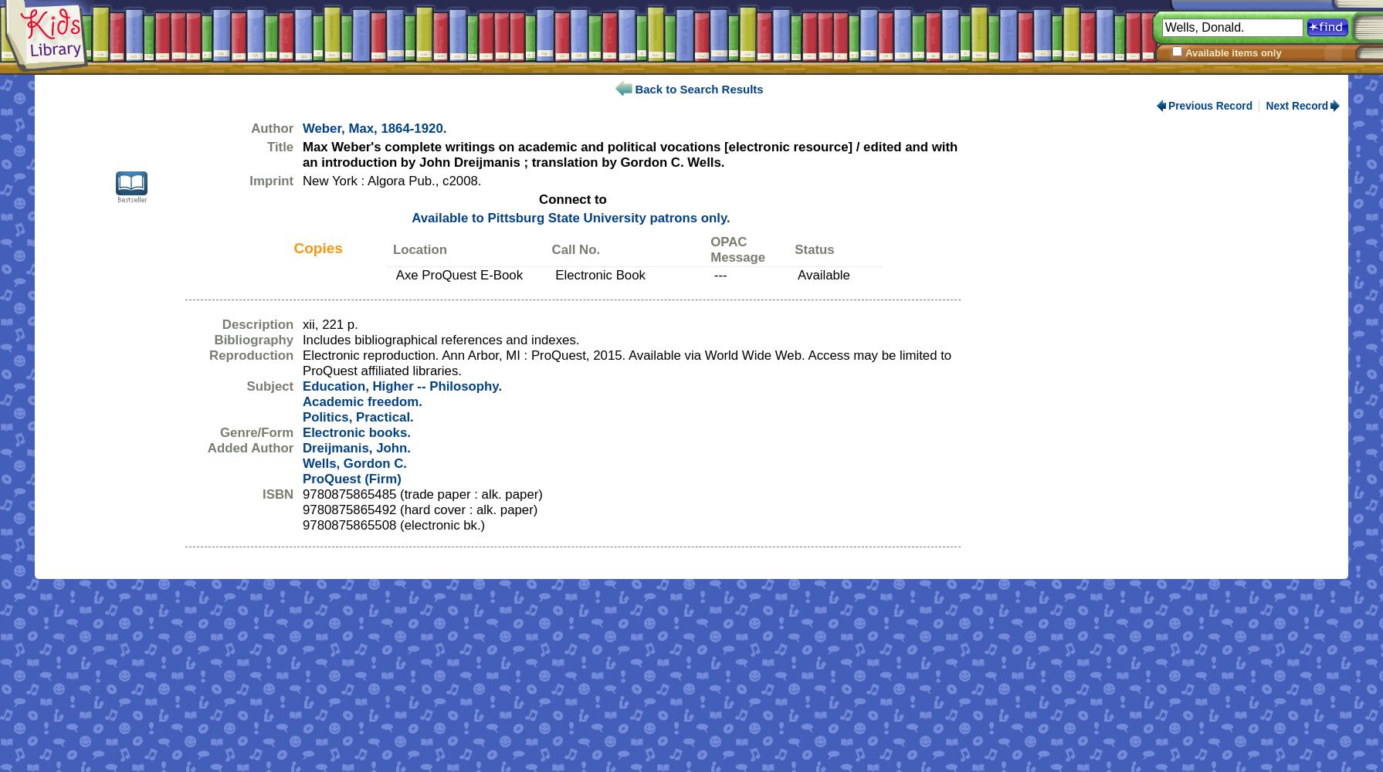 Image resolution: width=1383 pixels, height=772 pixels. What do you see at coordinates (356, 432) in the screenshot?
I see `'Electronic books.'` at bounding box center [356, 432].